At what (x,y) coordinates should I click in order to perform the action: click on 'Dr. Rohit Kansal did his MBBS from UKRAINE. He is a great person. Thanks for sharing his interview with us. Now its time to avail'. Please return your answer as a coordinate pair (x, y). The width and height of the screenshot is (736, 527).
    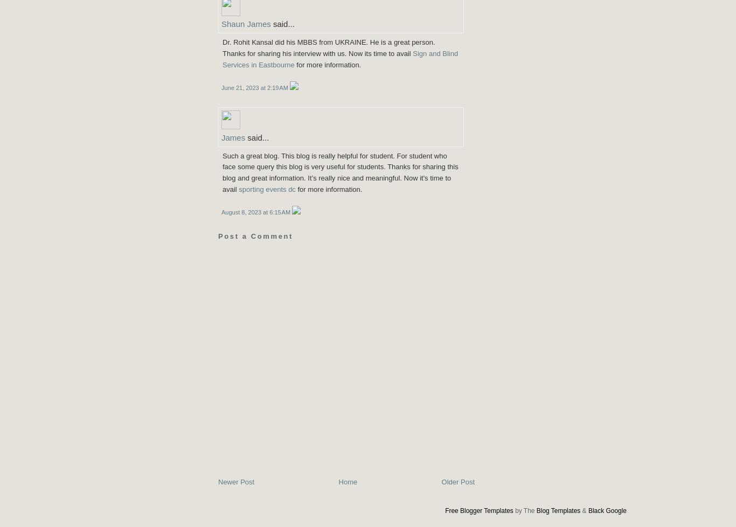
    Looking at the image, I should click on (221, 47).